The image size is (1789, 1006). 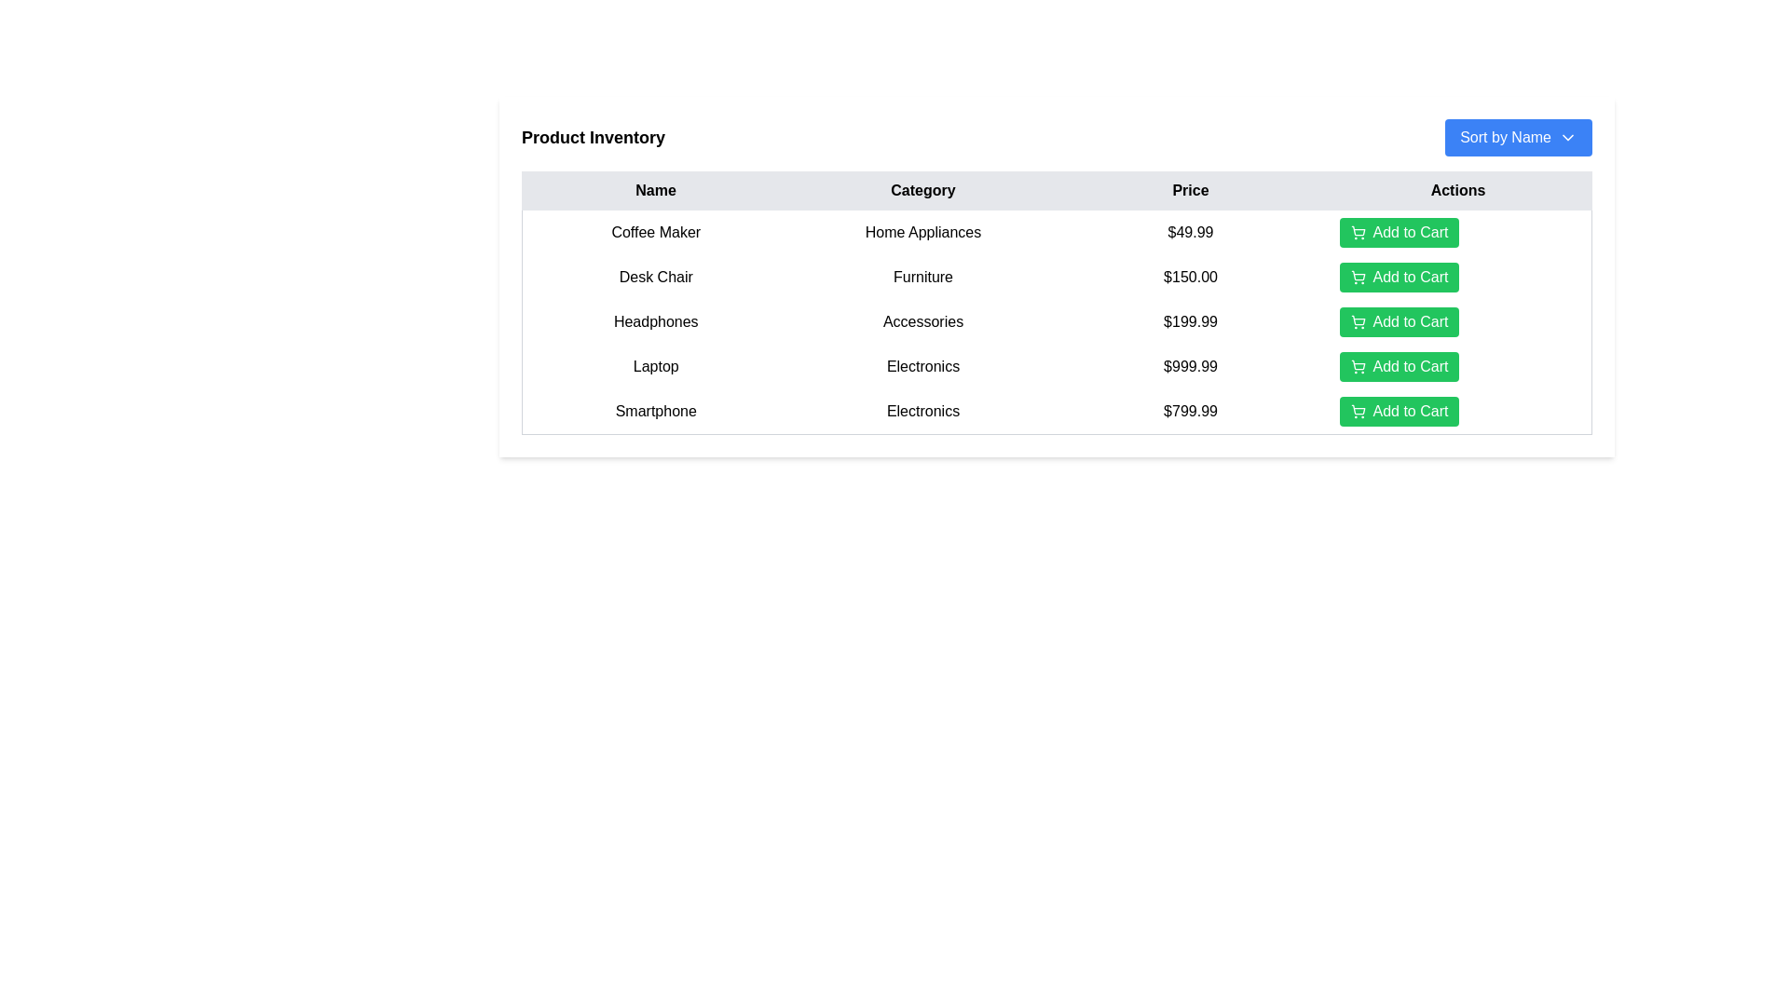 I want to click on the shopping cart icon located in the third row of the product inventory table corresponding to the item 'Headphones', so click(x=1358, y=319).